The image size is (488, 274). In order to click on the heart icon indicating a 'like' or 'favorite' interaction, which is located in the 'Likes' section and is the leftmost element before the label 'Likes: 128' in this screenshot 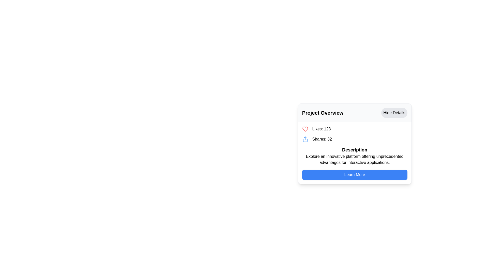, I will do `click(305, 129)`.